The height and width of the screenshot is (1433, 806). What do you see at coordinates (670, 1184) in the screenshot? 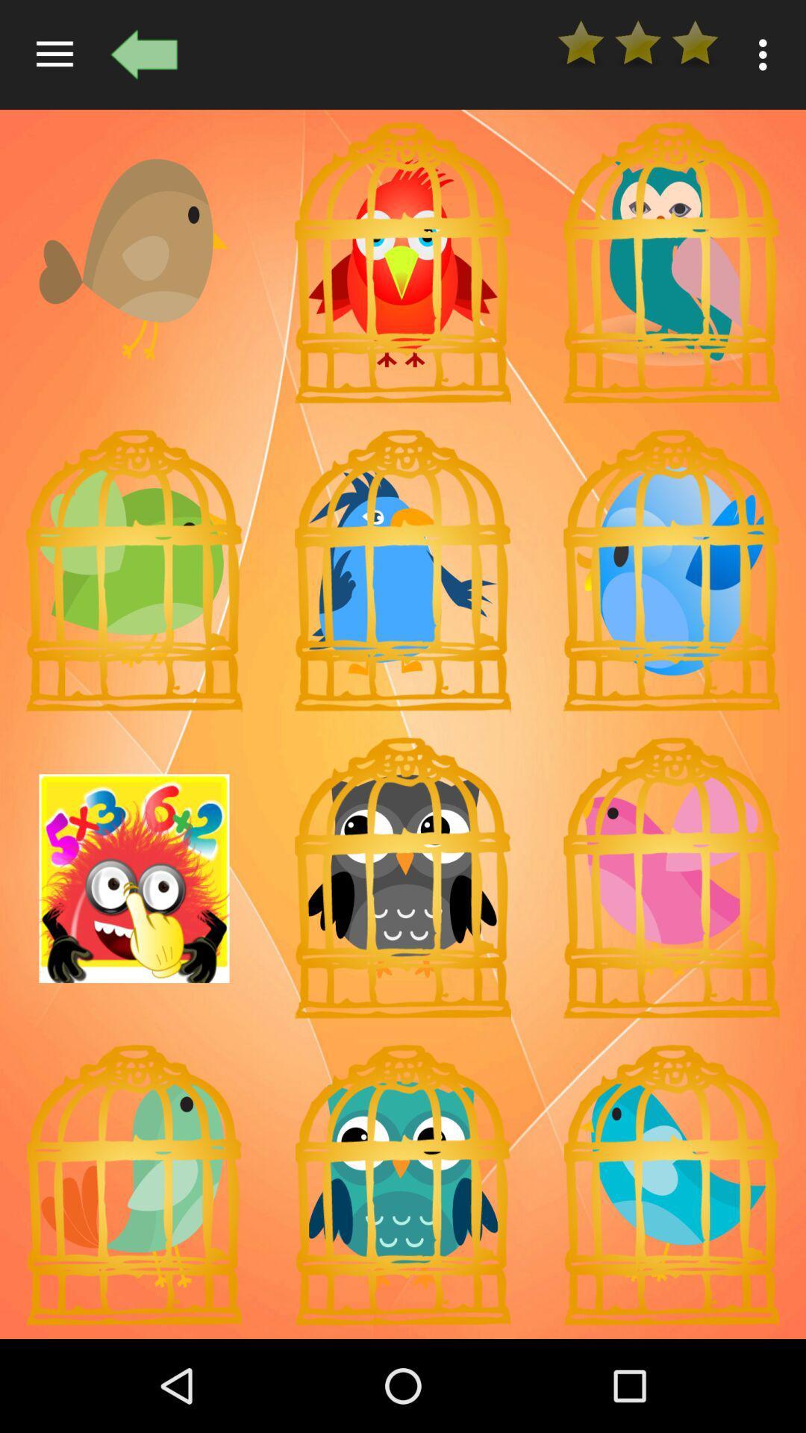
I see `locked avatar` at bounding box center [670, 1184].